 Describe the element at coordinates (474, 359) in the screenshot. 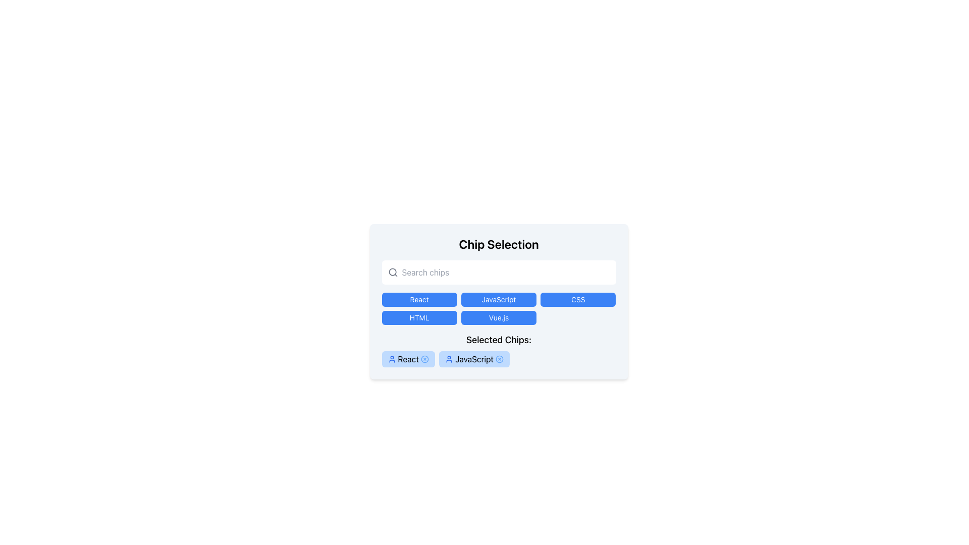

I see `the second chip labeled as 'JavaScript' in the 'Selected Chips' row` at that location.